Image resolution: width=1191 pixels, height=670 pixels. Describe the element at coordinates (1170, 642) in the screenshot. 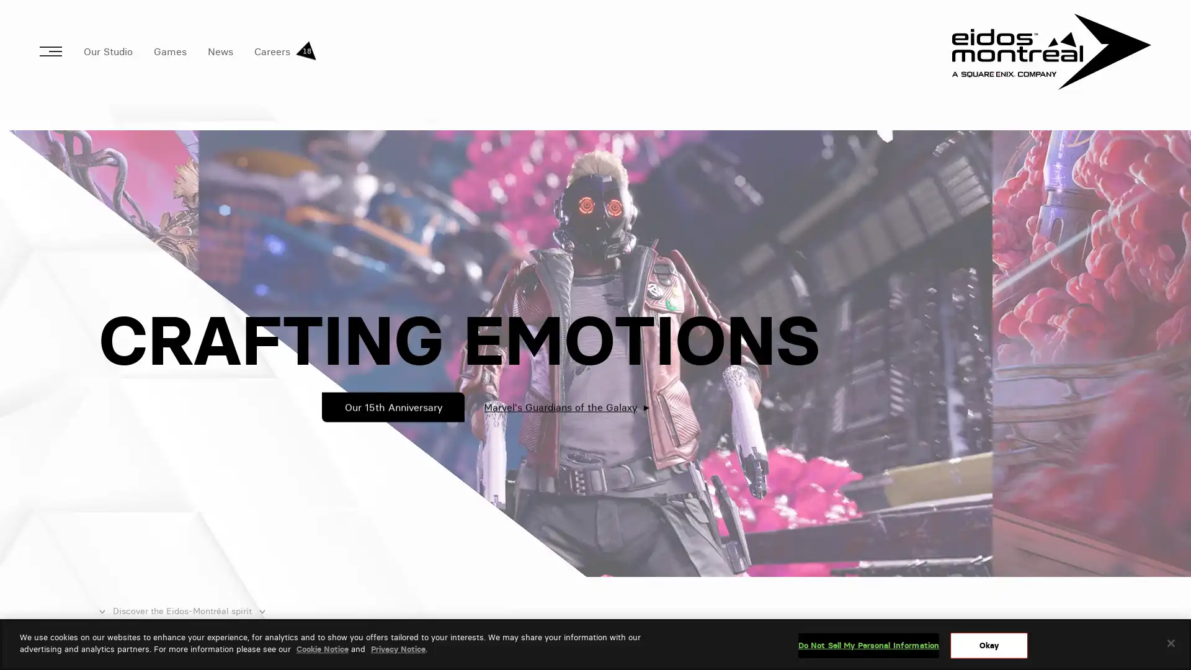

I see `Close` at that location.